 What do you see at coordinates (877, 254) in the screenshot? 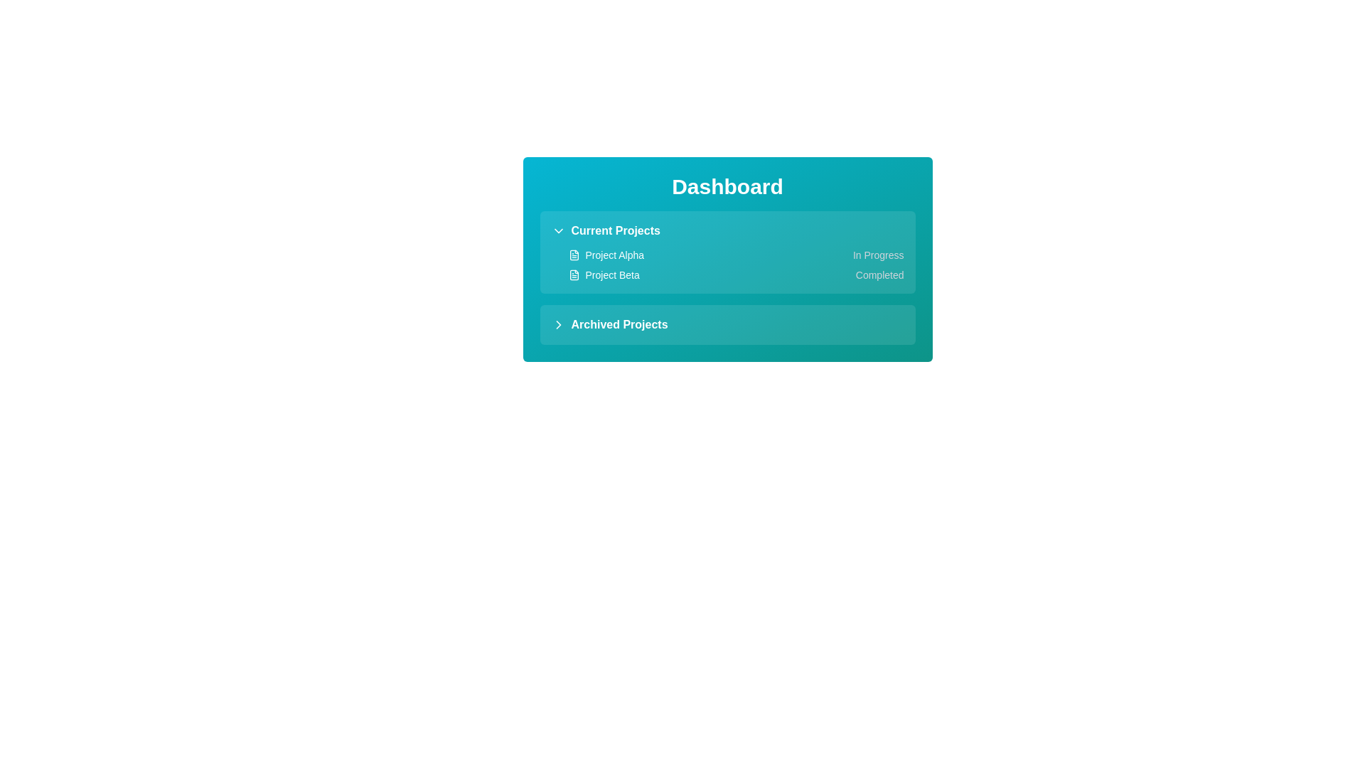
I see `the static text label indicating the status of 'Project Alpha', which is located in the top-right corner of the 'Current Projects' section` at bounding box center [877, 254].